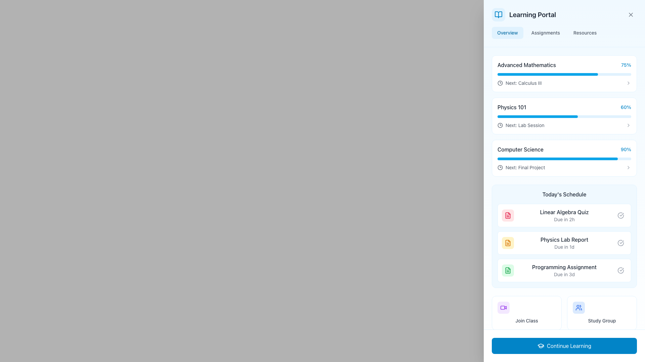  Describe the element at coordinates (564, 270) in the screenshot. I see `the third card in 'Today’s Schedule' section, which is a white rectangular card with a light green border containing 'Programming Assignment' and a checkmark icon` at that location.